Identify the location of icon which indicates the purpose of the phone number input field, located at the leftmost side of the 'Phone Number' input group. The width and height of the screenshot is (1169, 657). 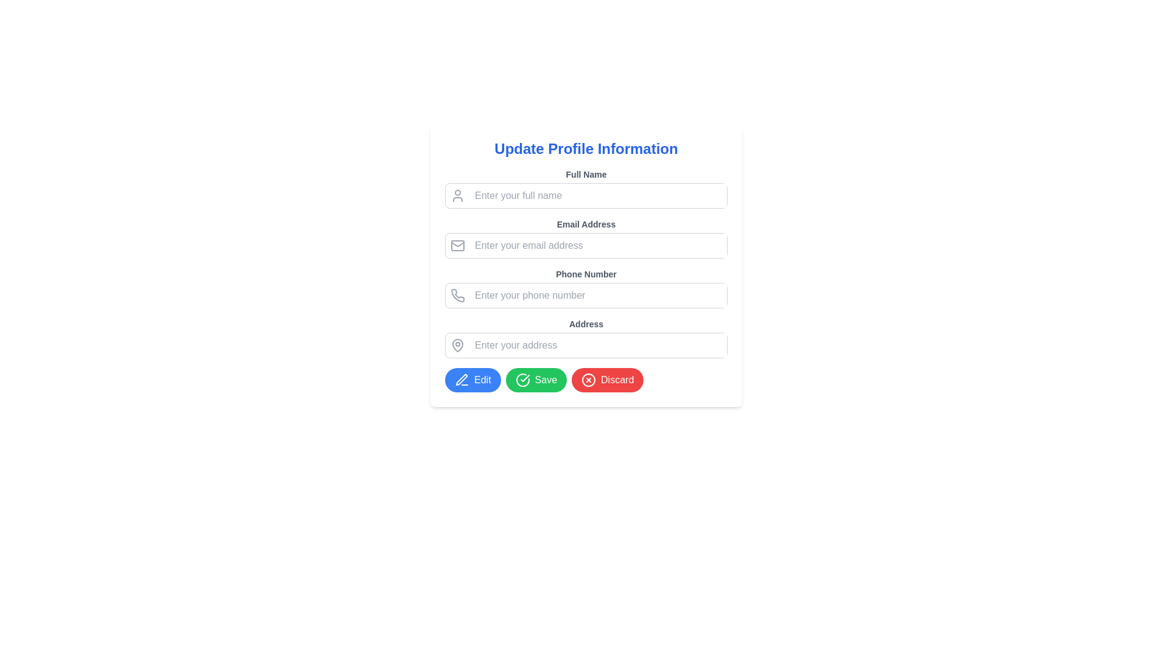
(457, 296).